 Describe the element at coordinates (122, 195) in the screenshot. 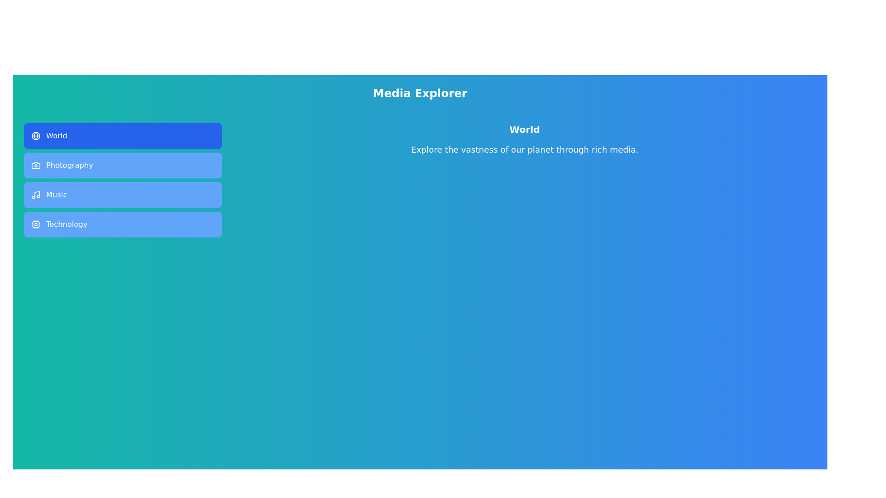

I see `the tab labeled Music to preview its style` at that location.